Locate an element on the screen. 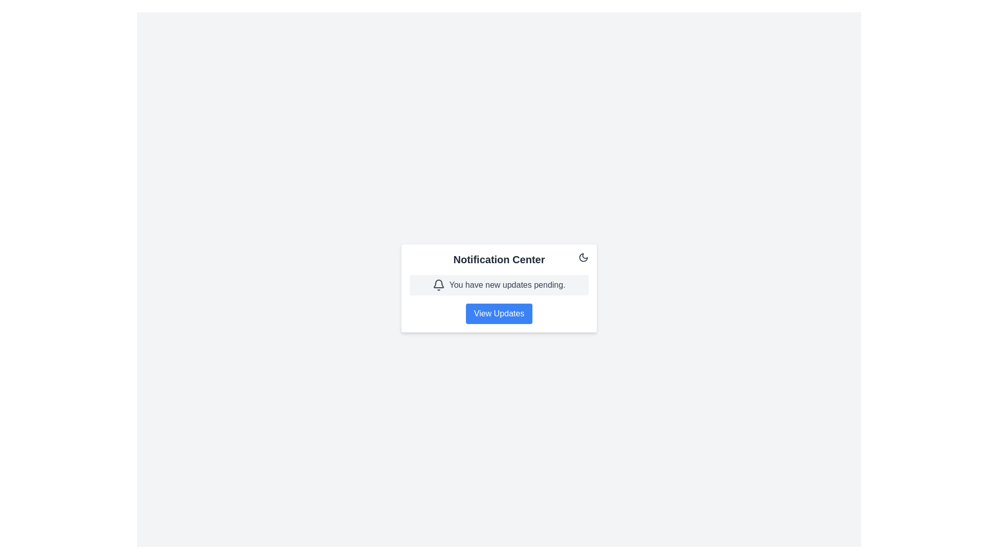  the crescent-shaped graphic resembling a partial moon within the Notification Center card is located at coordinates (584, 256).